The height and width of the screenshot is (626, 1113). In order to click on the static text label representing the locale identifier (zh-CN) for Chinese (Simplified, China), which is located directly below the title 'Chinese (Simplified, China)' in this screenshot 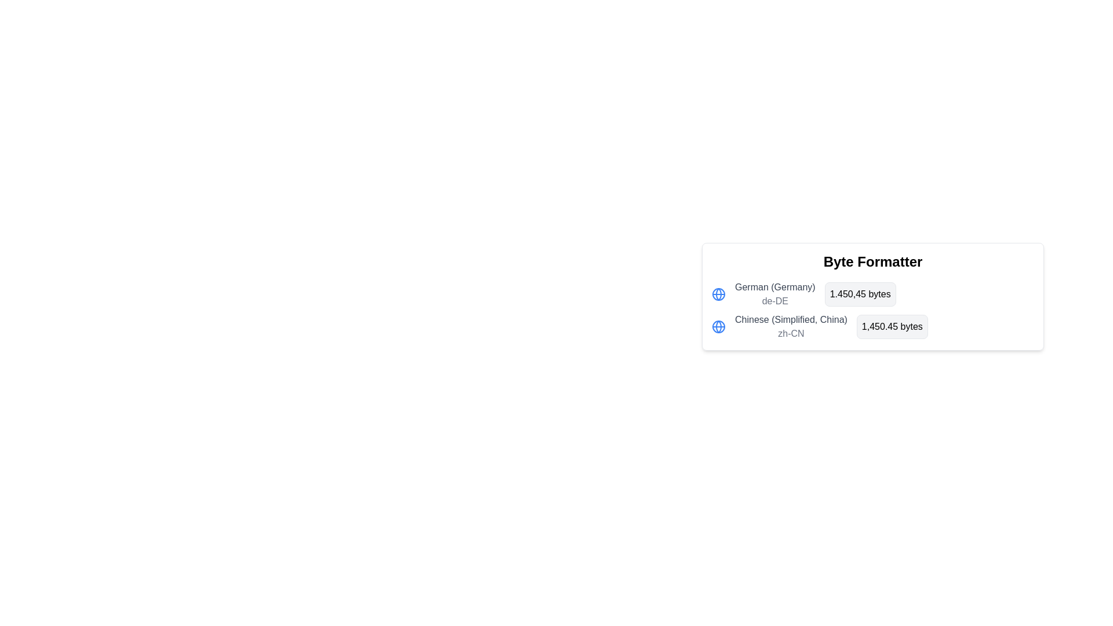, I will do `click(790, 333)`.